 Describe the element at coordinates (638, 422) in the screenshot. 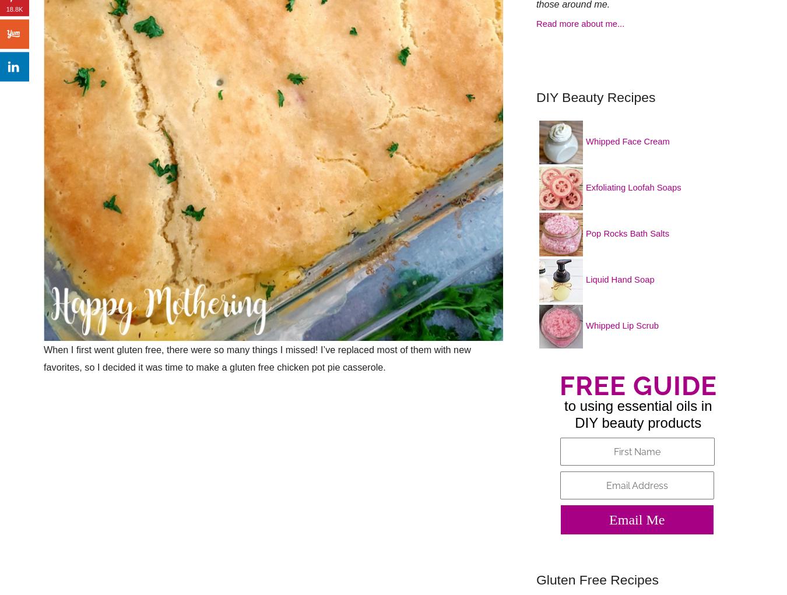

I see `'DIY beauty products'` at that location.